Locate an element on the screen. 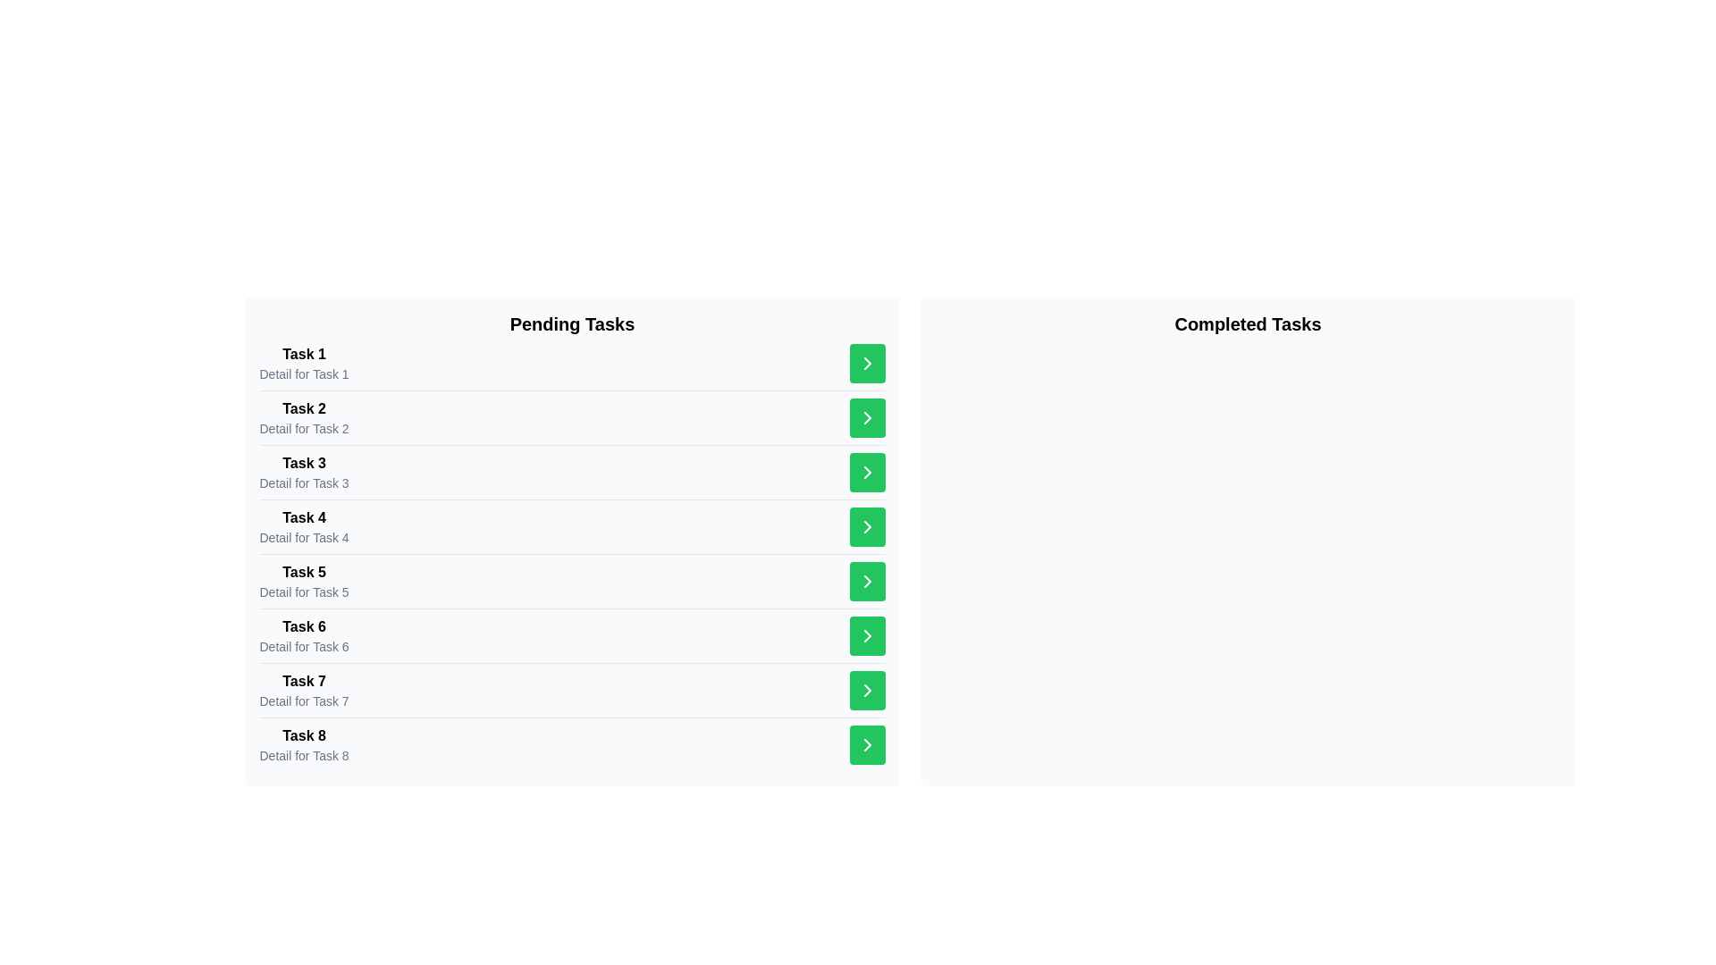 The height and width of the screenshot is (965, 1716). the button located to the far-right of the entry labeled 'Task 7' under the 'Pending Tasks' column is located at coordinates (867, 689).